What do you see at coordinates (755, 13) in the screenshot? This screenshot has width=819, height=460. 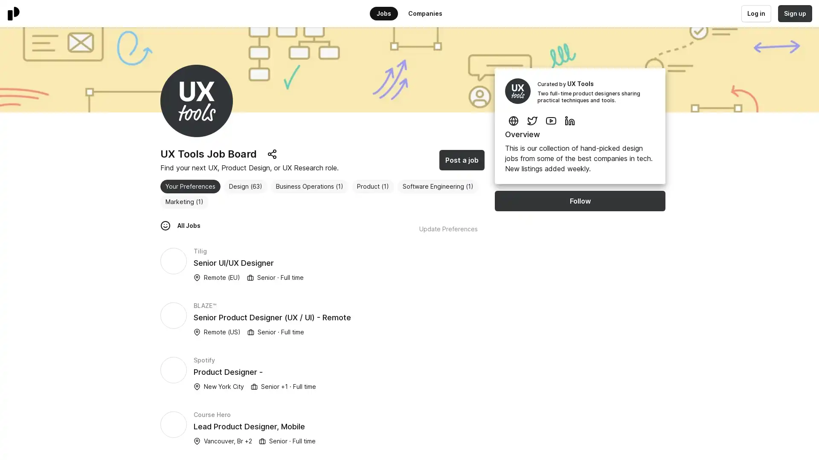 I see `Log in` at bounding box center [755, 13].